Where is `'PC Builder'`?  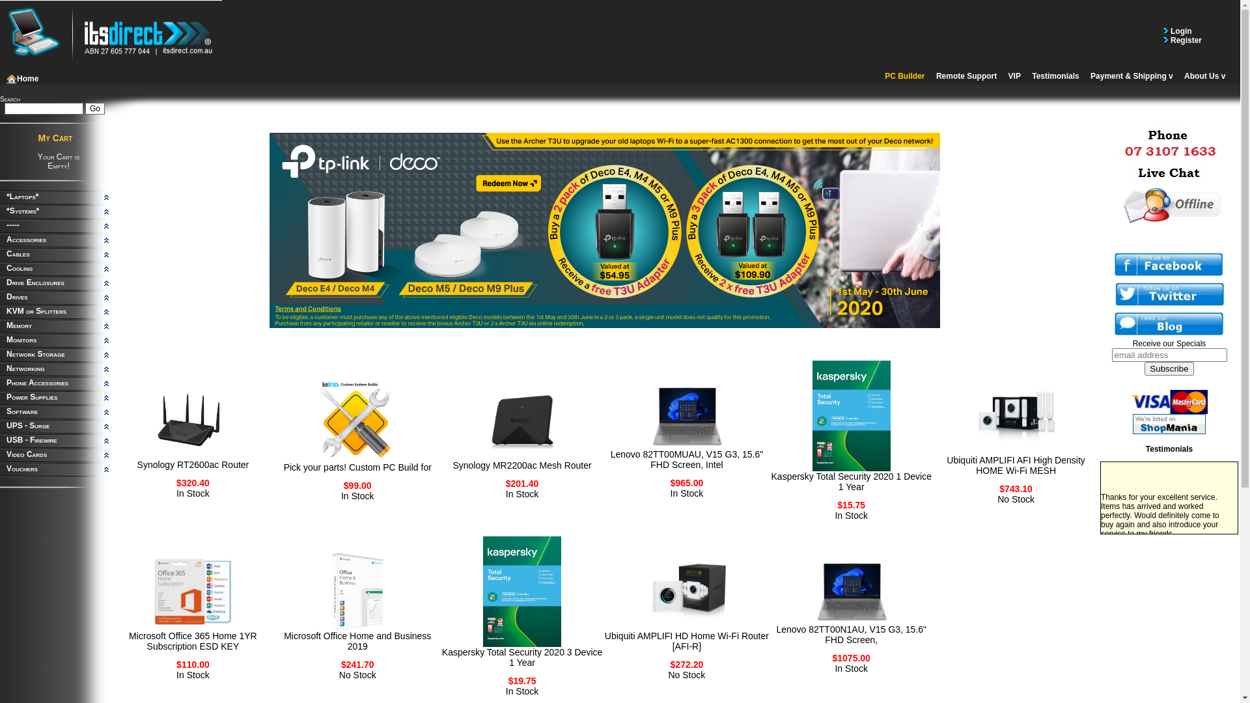 'PC Builder' is located at coordinates (904, 76).